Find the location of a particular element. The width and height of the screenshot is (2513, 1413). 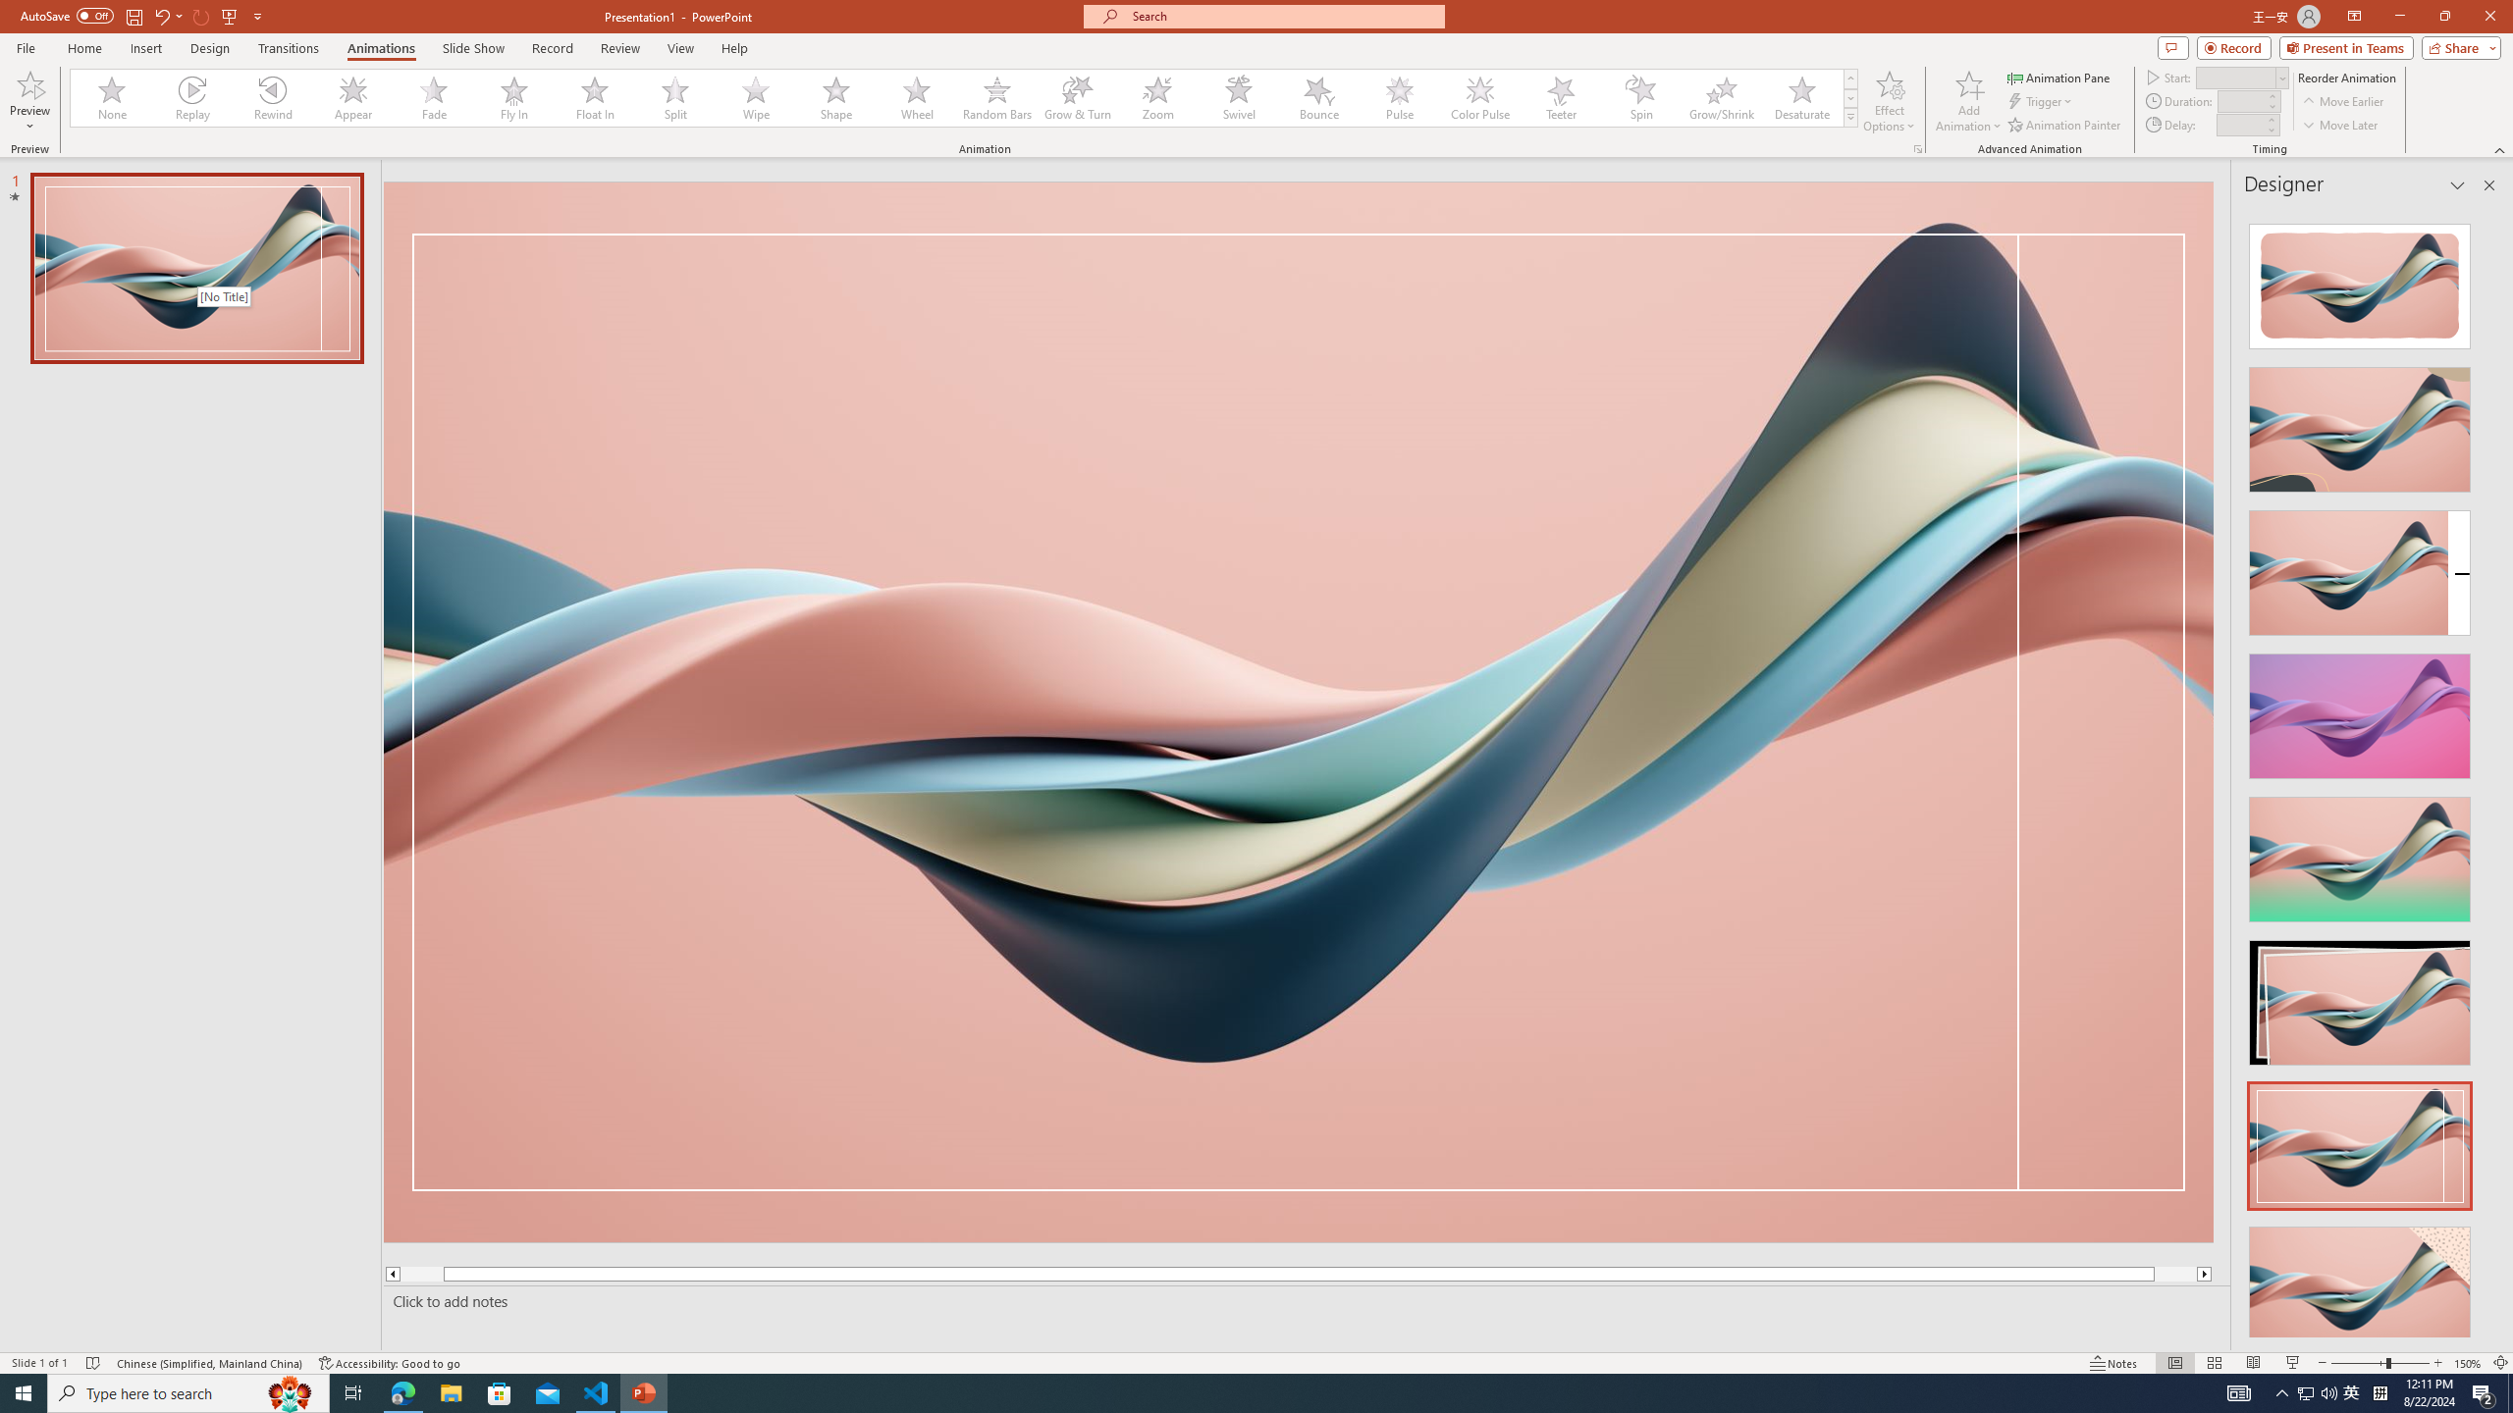

'Trigger' is located at coordinates (2041, 101).